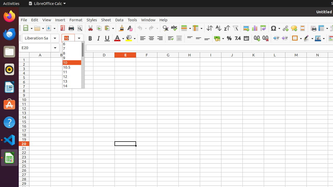  What do you see at coordinates (79, 28) in the screenshot?
I see `'Print Preview'` at bounding box center [79, 28].